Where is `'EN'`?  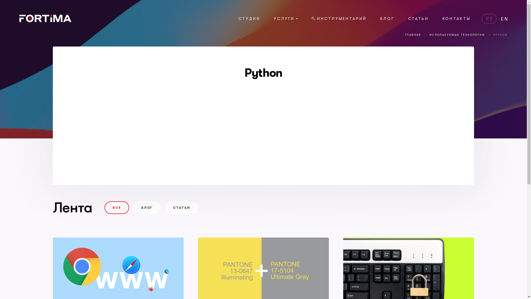 'EN' is located at coordinates (505, 19).